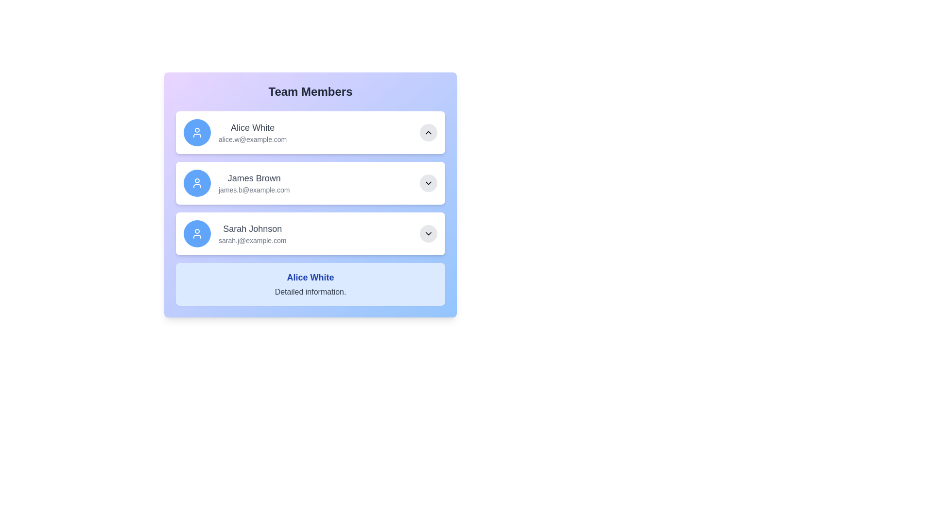 The image size is (933, 525). I want to click on the light gray circular button with an upward-pointing chevron icon, so click(428, 133).